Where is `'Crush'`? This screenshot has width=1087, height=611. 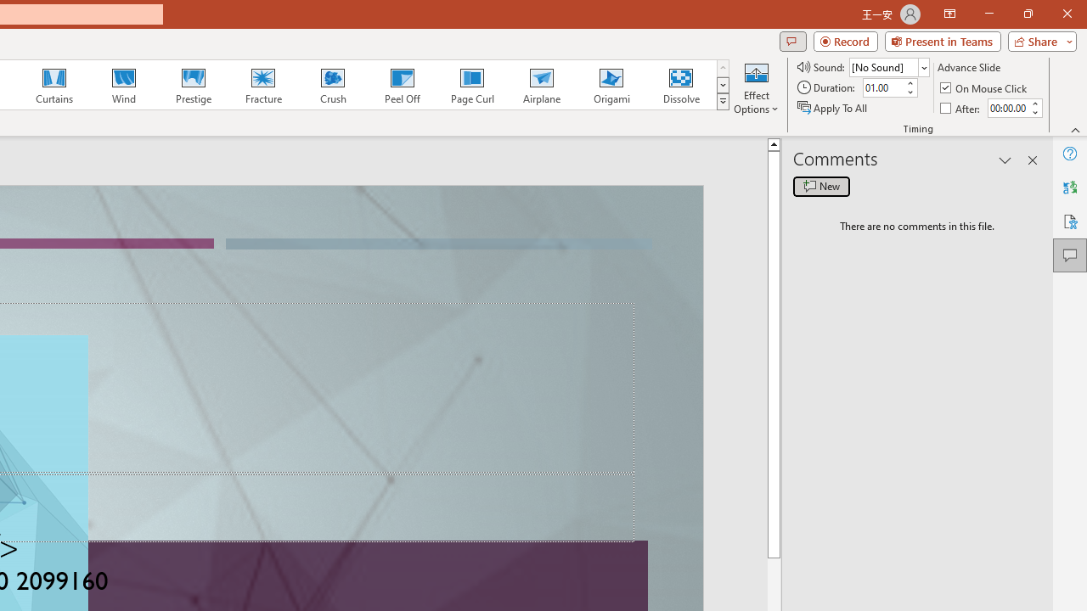
'Crush' is located at coordinates (332, 85).